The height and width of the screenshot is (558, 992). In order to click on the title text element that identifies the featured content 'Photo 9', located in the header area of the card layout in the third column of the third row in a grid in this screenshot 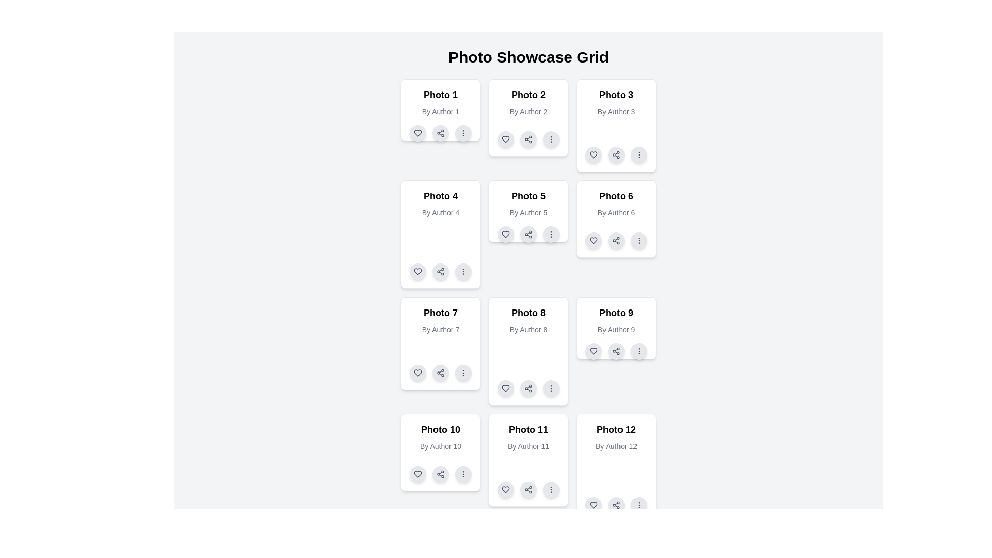, I will do `click(616, 312)`.